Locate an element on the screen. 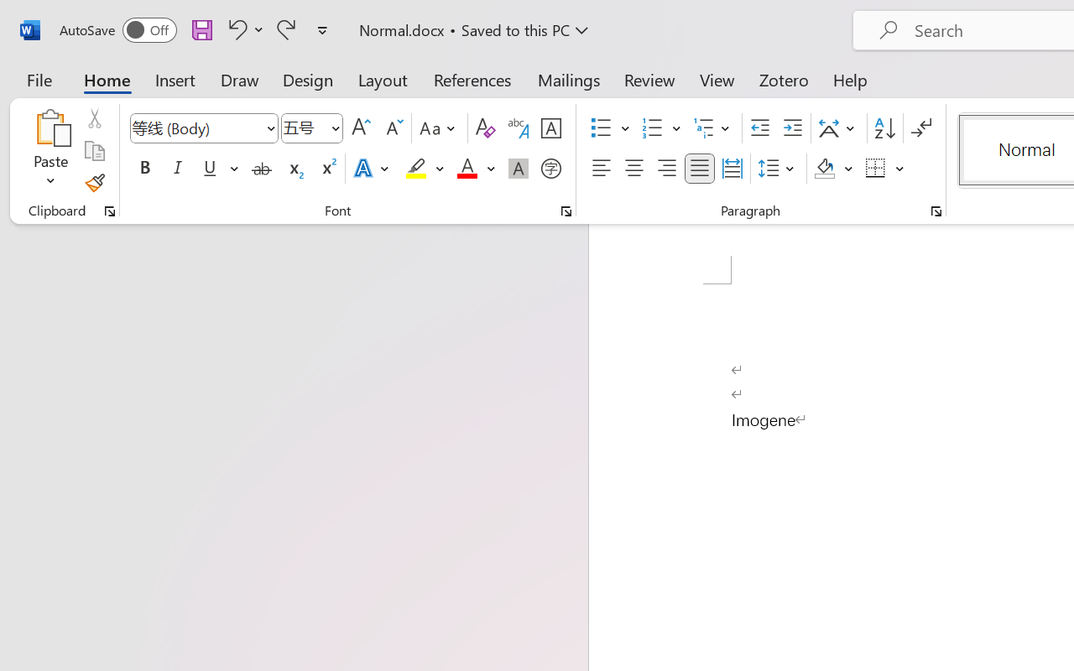  'Center' is located at coordinates (633, 169).